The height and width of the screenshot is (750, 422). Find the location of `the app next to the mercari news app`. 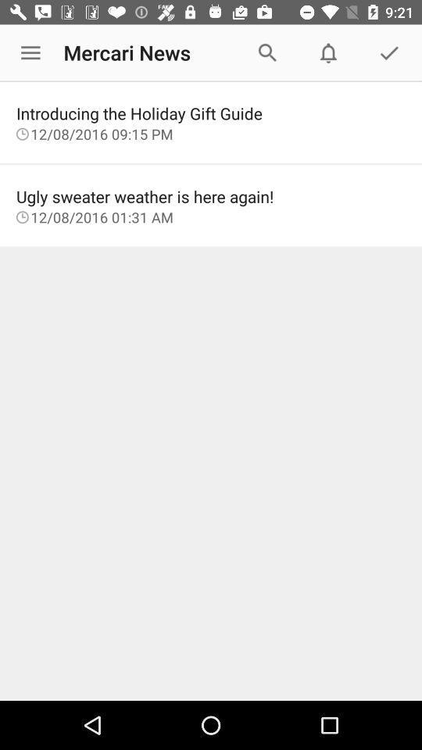

the app next to the mercari news app is located at coordinates (30, 53).